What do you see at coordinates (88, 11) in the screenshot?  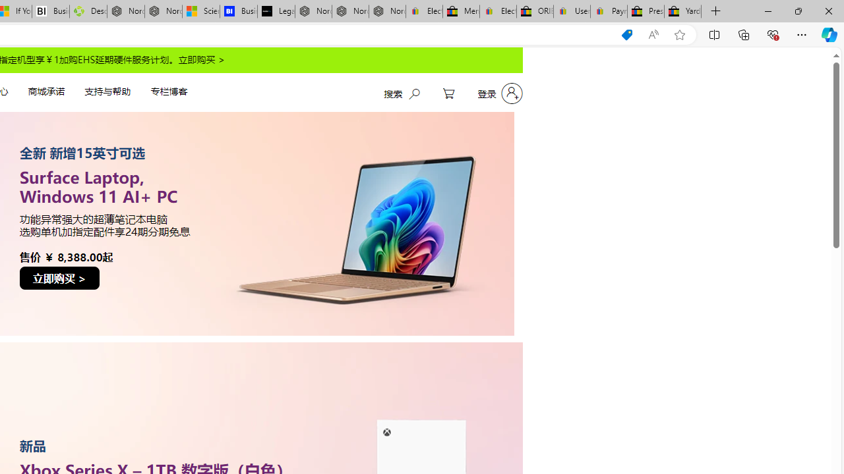 I see `'Descarga Driver Updater'` at bounding box center [88, 11].